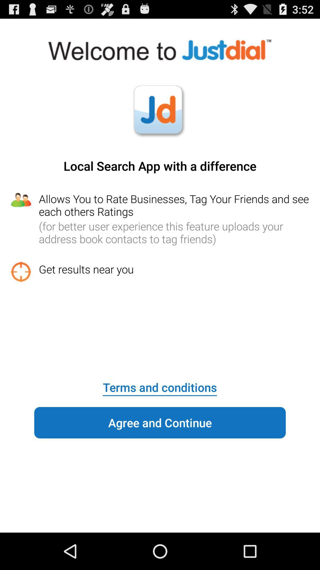 Image resolution: width=320 pixels, height=570 pixels. I want to click on terms and conditions item, so click(159, 383).